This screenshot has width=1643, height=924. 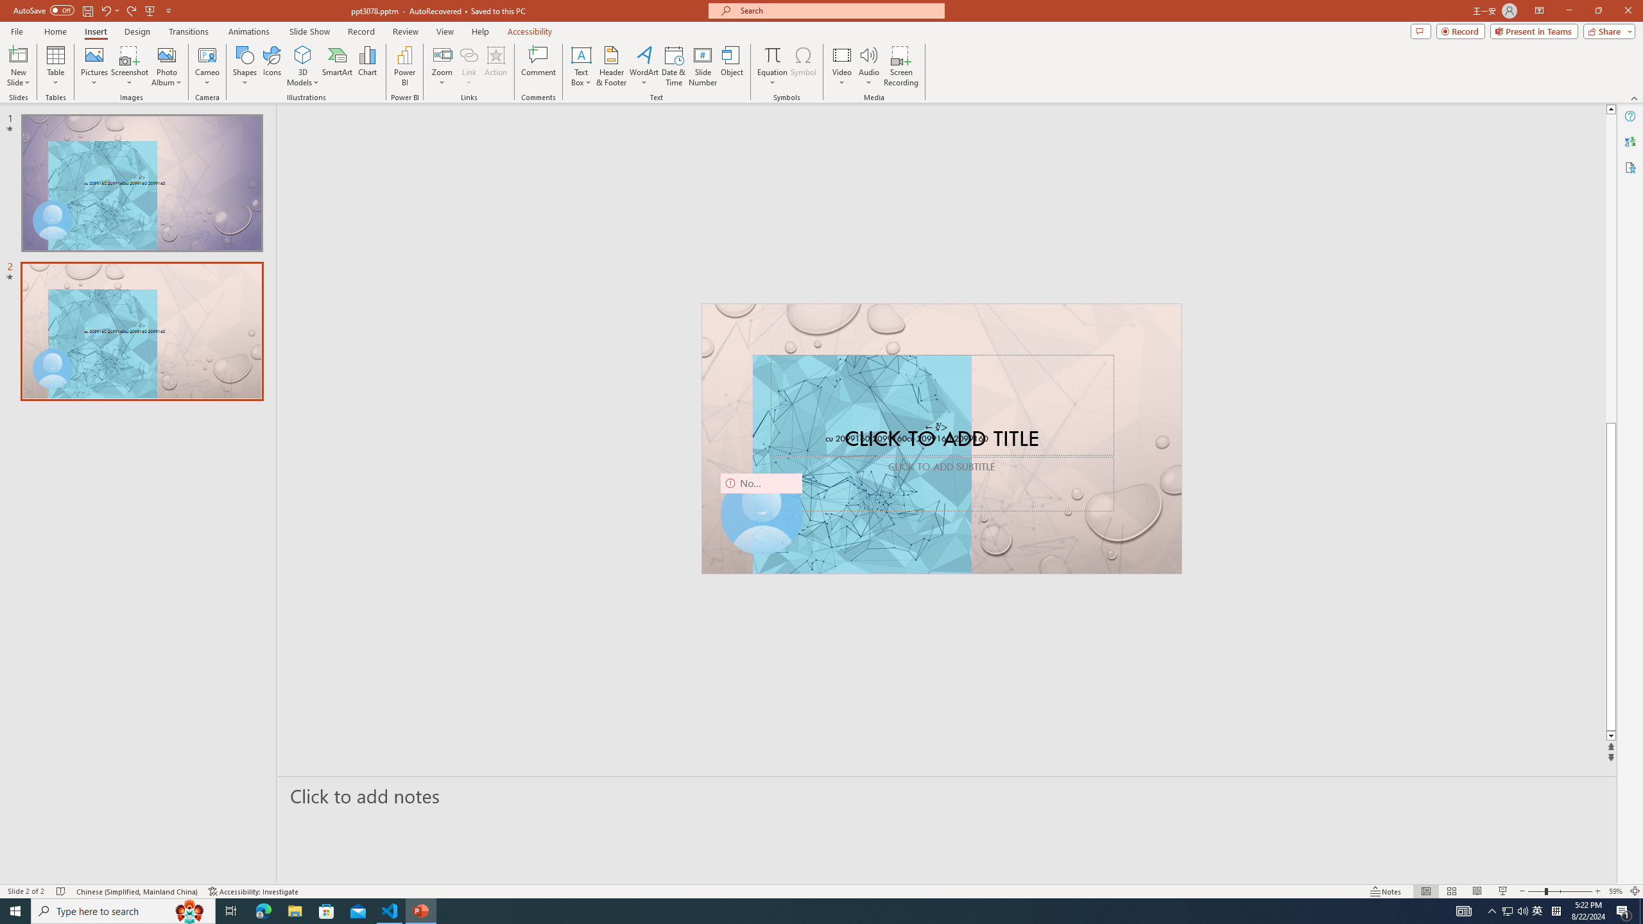 What do you see at coordinates (367, 66) in the screenshot?
I see `'Chart...'` at bounding box center [367, 66].